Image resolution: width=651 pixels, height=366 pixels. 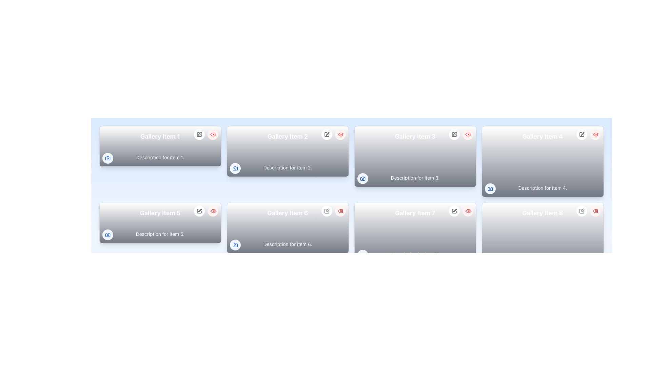 I want to click on the edit button located in the top-right corner of the eighth gallery item to initiate editing of the gallery item, so click(x=581, y=211).